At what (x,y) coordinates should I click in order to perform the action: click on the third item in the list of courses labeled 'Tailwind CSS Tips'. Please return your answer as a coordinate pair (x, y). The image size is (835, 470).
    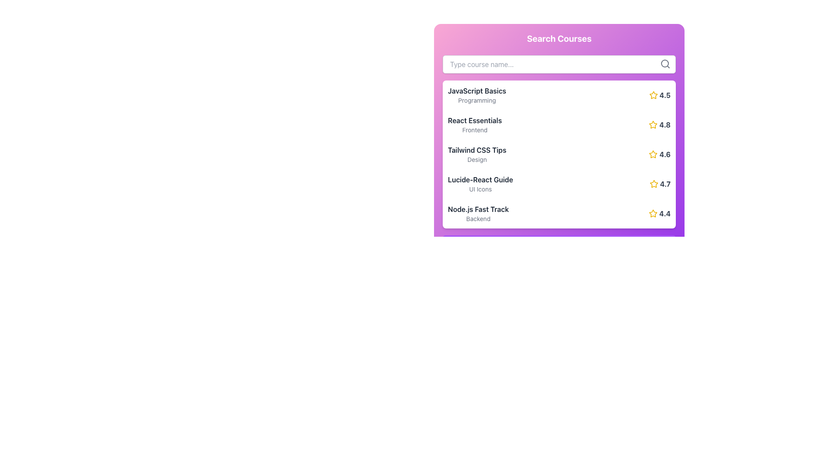
    Looking at the image, I should click on (477, 154).